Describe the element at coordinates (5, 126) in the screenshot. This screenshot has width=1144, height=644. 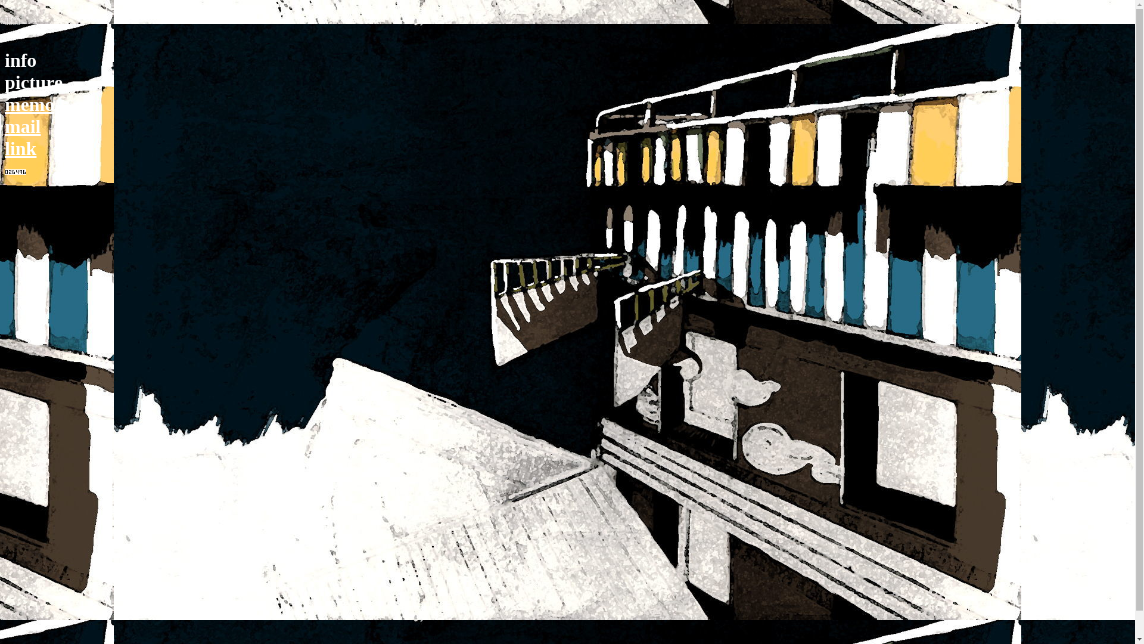
I see `'mail'` at that location.